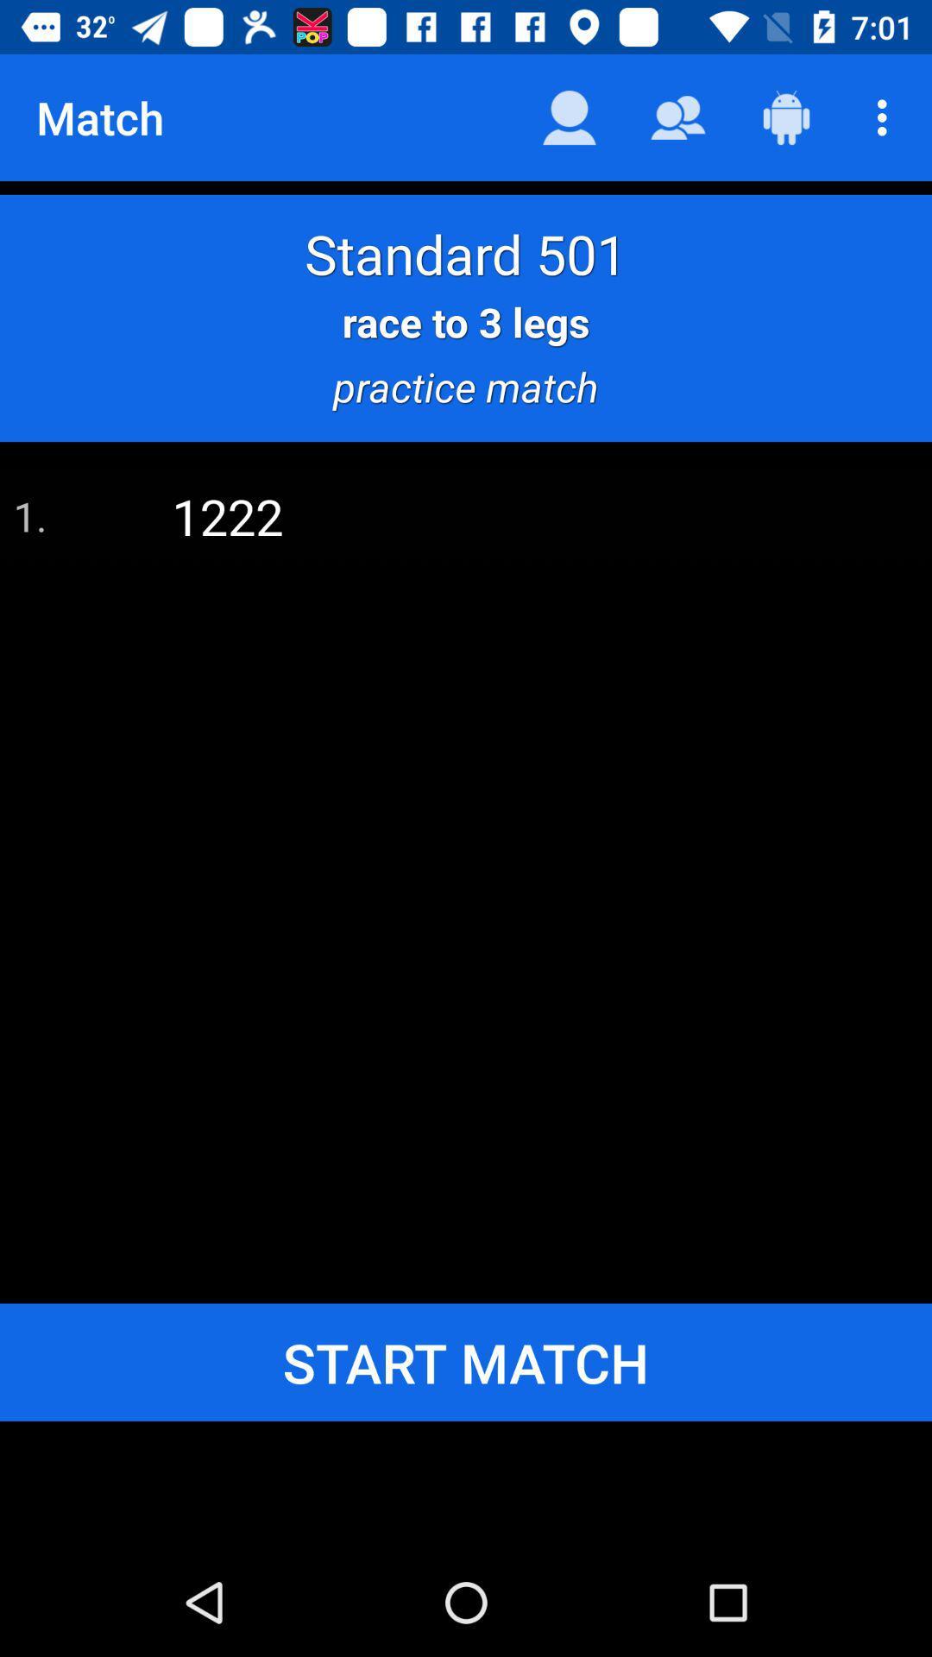  Describe the element at coordinates (466, 1361) in the screenshot. I see `start match icon` at that location.